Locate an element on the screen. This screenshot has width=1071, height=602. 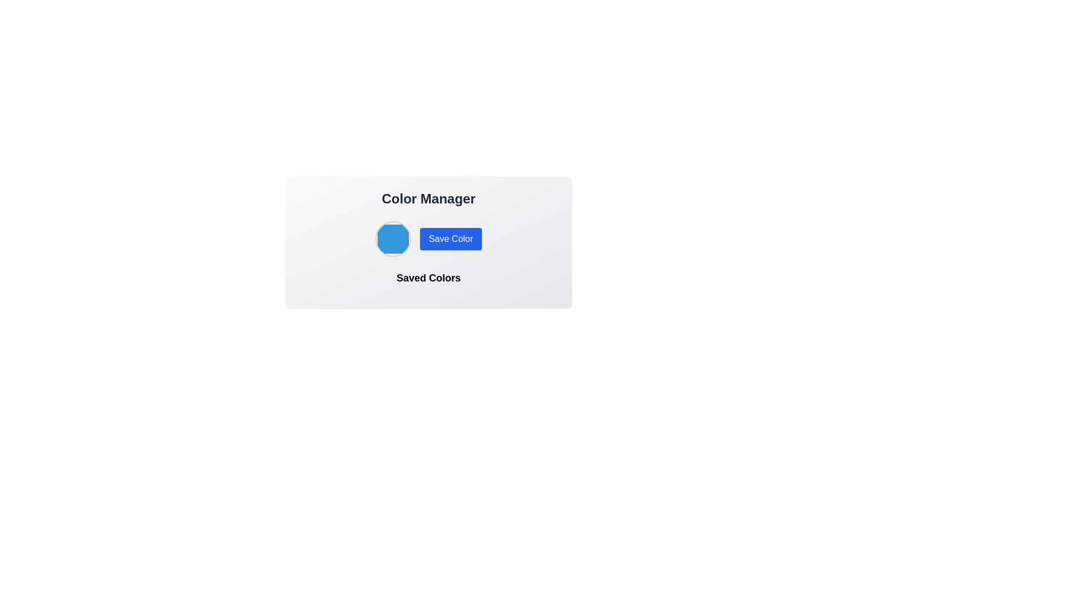
the 'Saved Colors' text label element, which is styled with a bold font and is located below the 'Save Color' button in the color management interface is located at coordinates (428, 281).